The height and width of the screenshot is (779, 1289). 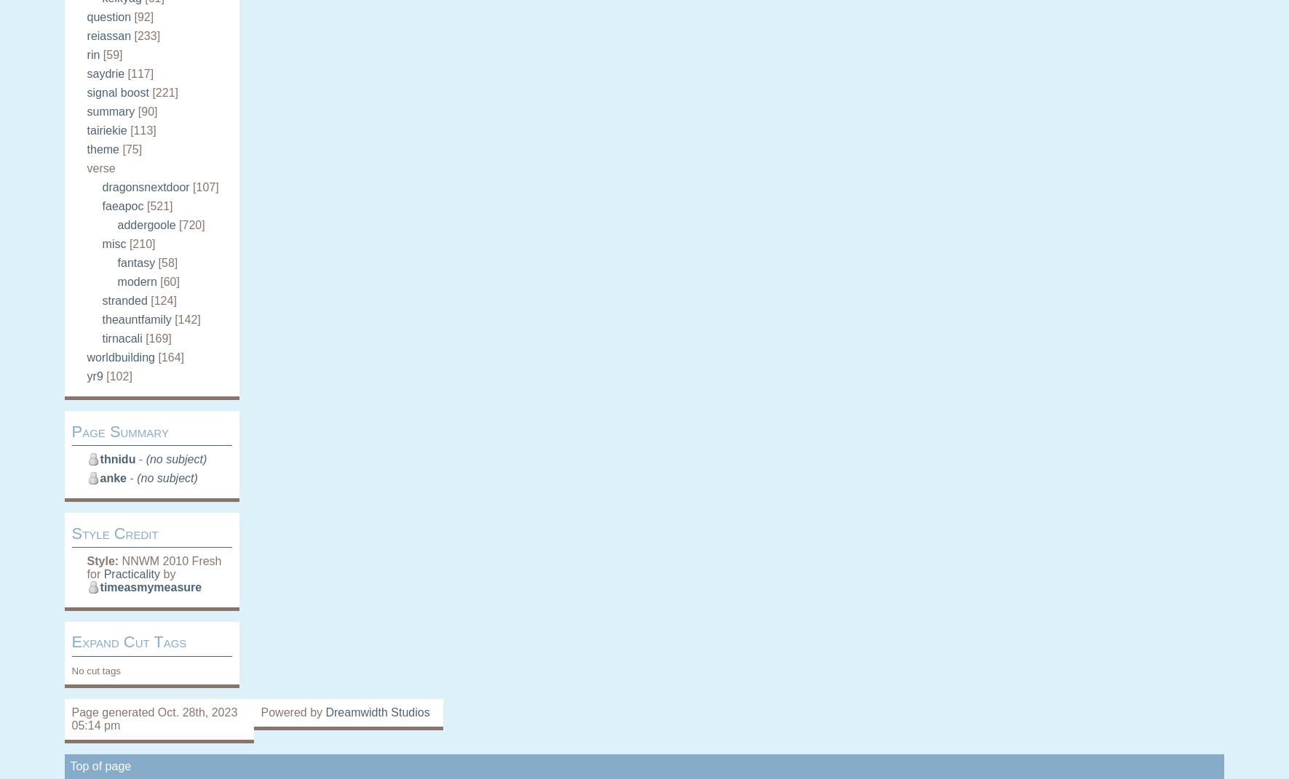 I want to click on 'saydrie', so click(x=106, y=73).